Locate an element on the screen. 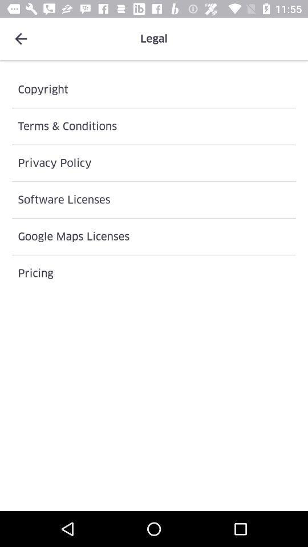 This screenshot has height=547, width=308. terms & conditions icon is located at coordinates (154, 126).